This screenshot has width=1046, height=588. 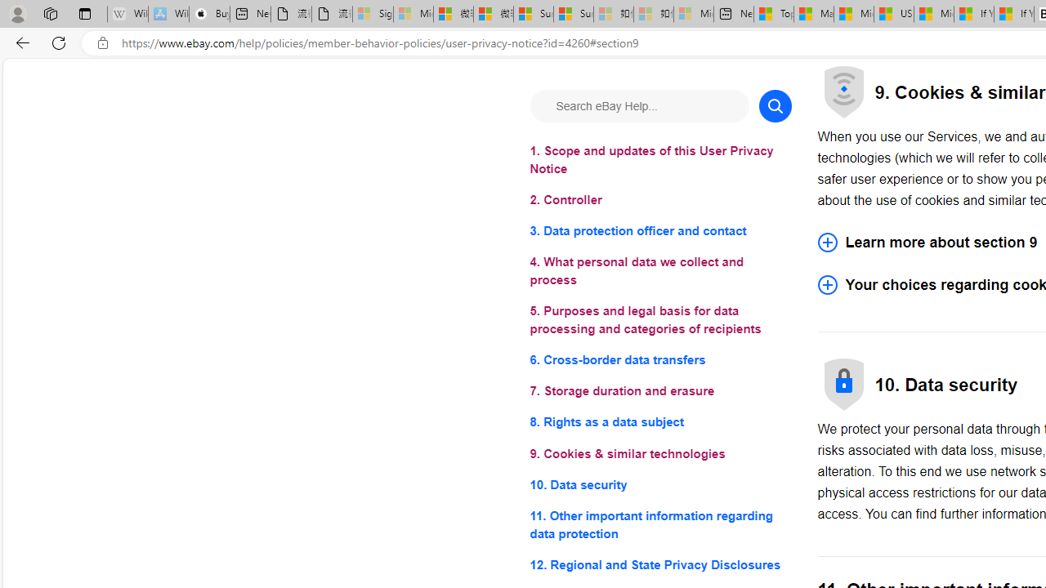 I want to click on '9. Cookies & similar technologies', so click(x=660, y=453).